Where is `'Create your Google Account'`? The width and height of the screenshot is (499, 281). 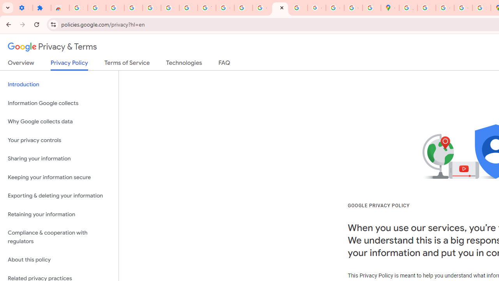 'Create your Google Account' is located at coordinates (445, 8).